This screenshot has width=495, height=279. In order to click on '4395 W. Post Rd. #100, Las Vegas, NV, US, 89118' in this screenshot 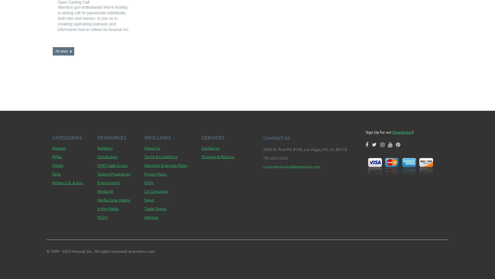, I will do `click(304, 149)`.